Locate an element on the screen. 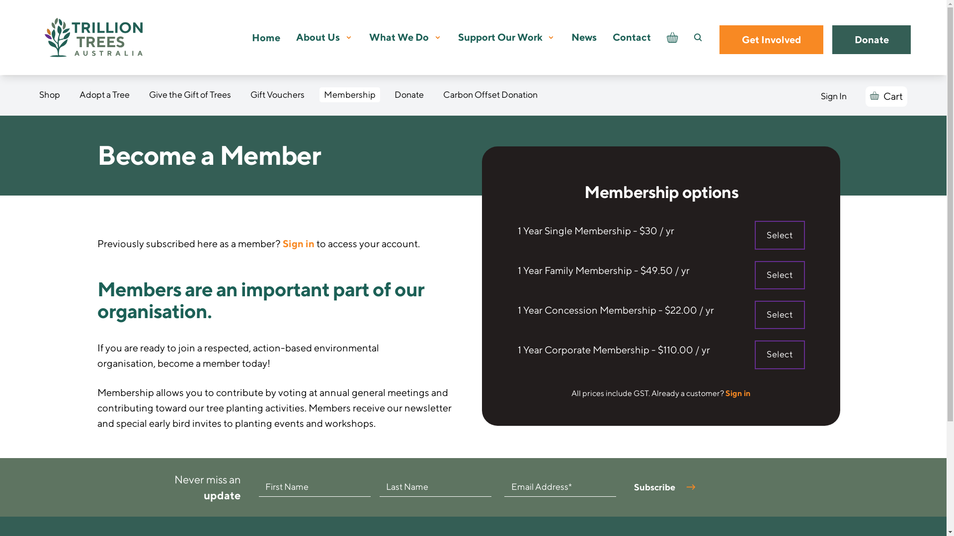 This screenshot has height=536, width=954. 'News' is located at coordinates (584, 37).